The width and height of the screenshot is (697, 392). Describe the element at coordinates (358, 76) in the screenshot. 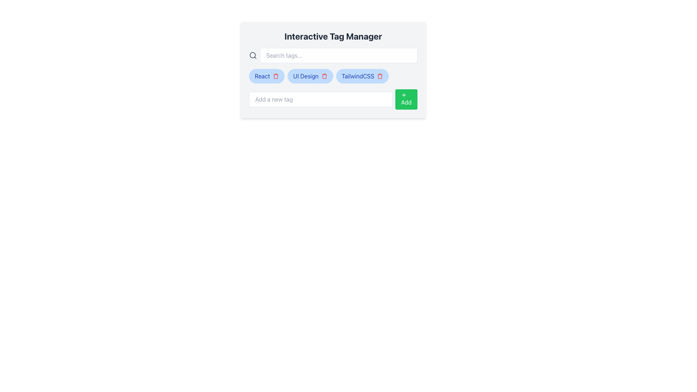

I see `the 'TailwindCSS' text label, which is displayed in bold blue font on a light blue rounded rectangle` at that location.